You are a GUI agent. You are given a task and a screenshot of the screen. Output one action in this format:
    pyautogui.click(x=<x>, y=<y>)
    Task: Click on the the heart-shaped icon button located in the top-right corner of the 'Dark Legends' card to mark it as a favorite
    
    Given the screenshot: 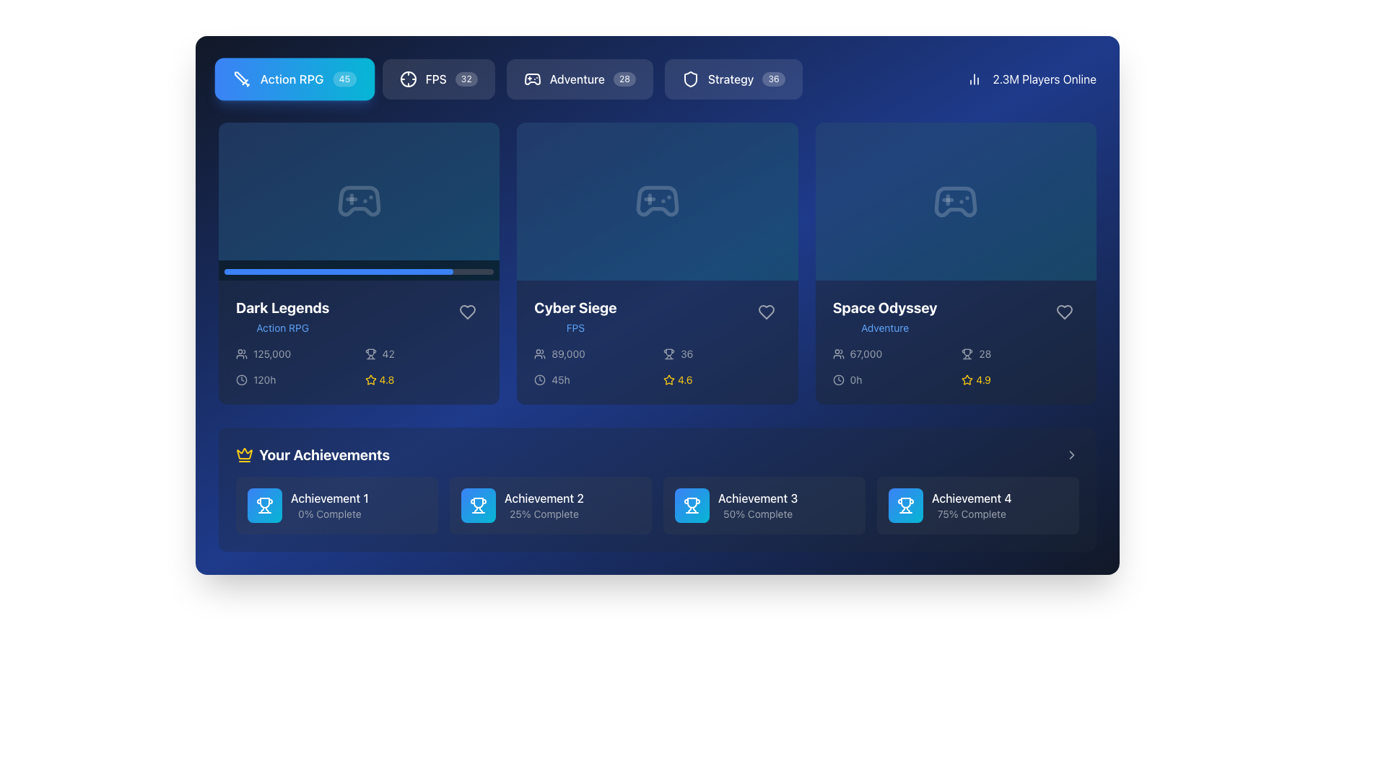 What is the action you would take?
    pyautogui.click(x=468, y=311)
    